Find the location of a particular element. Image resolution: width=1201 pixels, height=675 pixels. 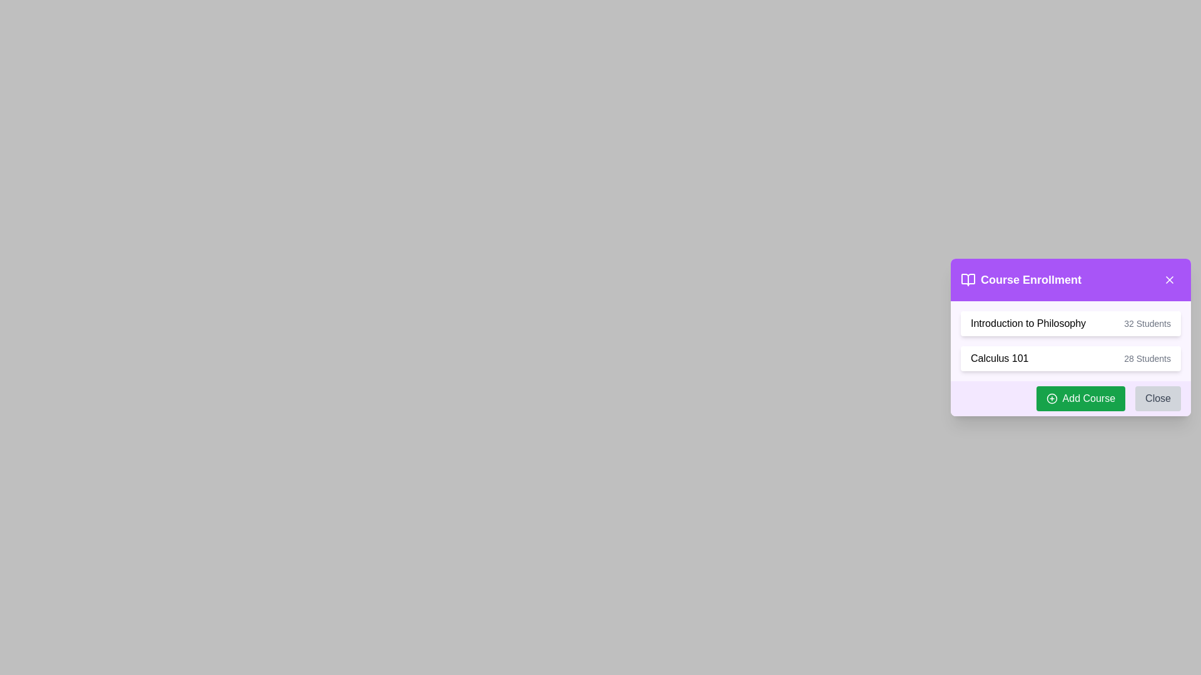

the close button located in the top-right corner of the 'Course Enrollment' dialog box is located at coordinates (1169, 279).